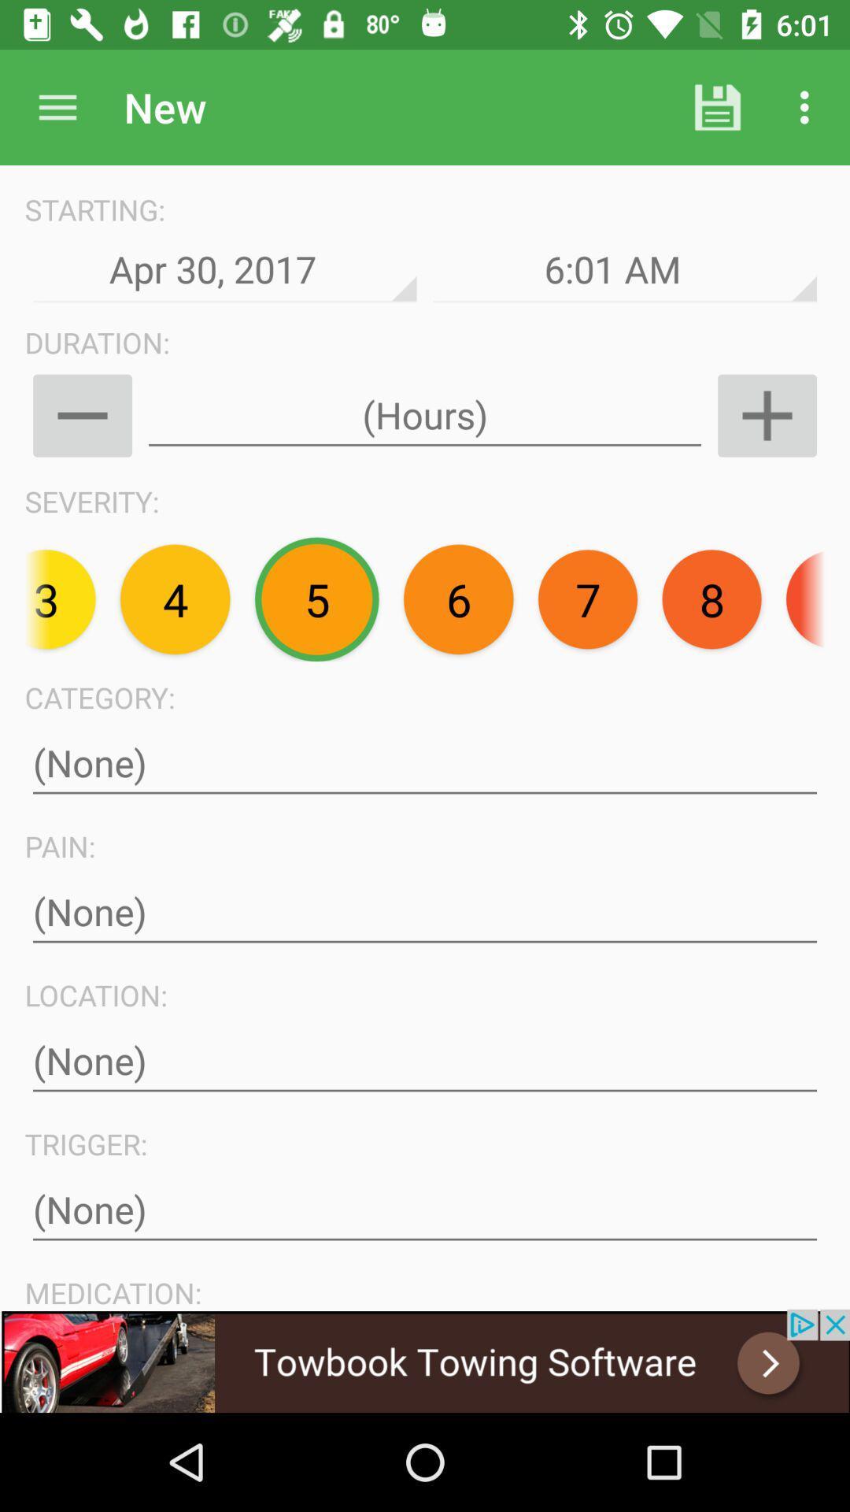 The height and width of the screenshot is (1512, 850). Describe the element at coordinates (767, 416) in the screenshot. I see `alarm ingres` at that location.